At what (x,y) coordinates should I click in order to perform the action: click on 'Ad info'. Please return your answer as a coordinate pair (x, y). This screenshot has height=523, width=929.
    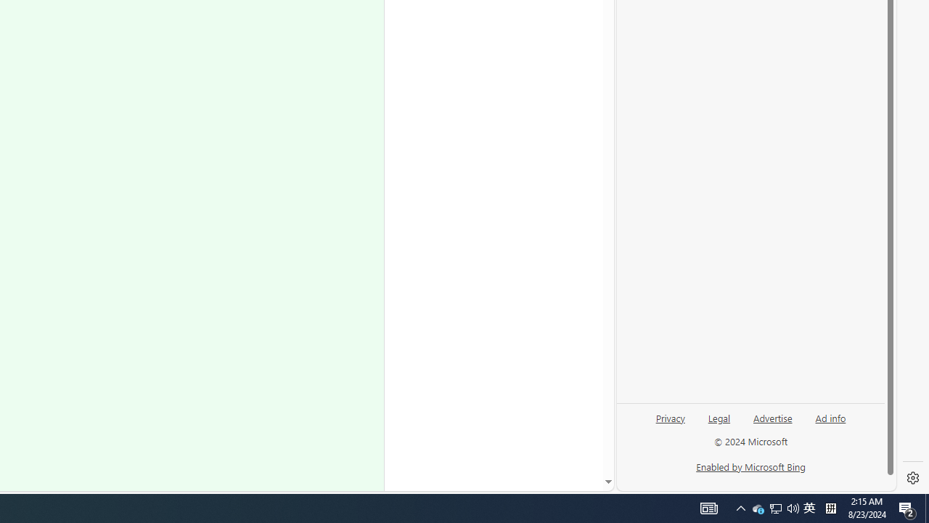
    Looking at the image, I should click on (830, 423).